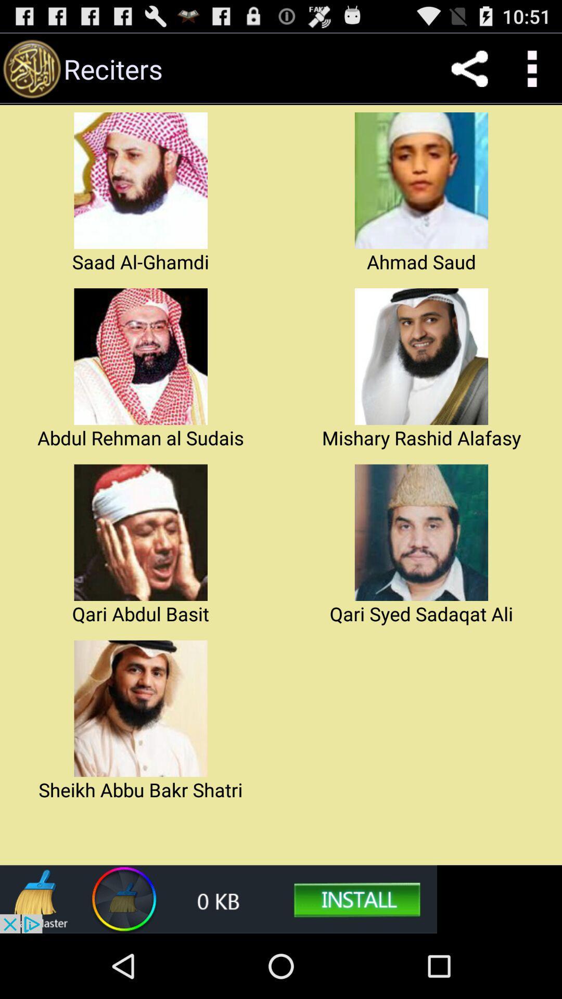 The image size is (562, 999). I want to click on the photo of ahmad saud, so click(421, 181).